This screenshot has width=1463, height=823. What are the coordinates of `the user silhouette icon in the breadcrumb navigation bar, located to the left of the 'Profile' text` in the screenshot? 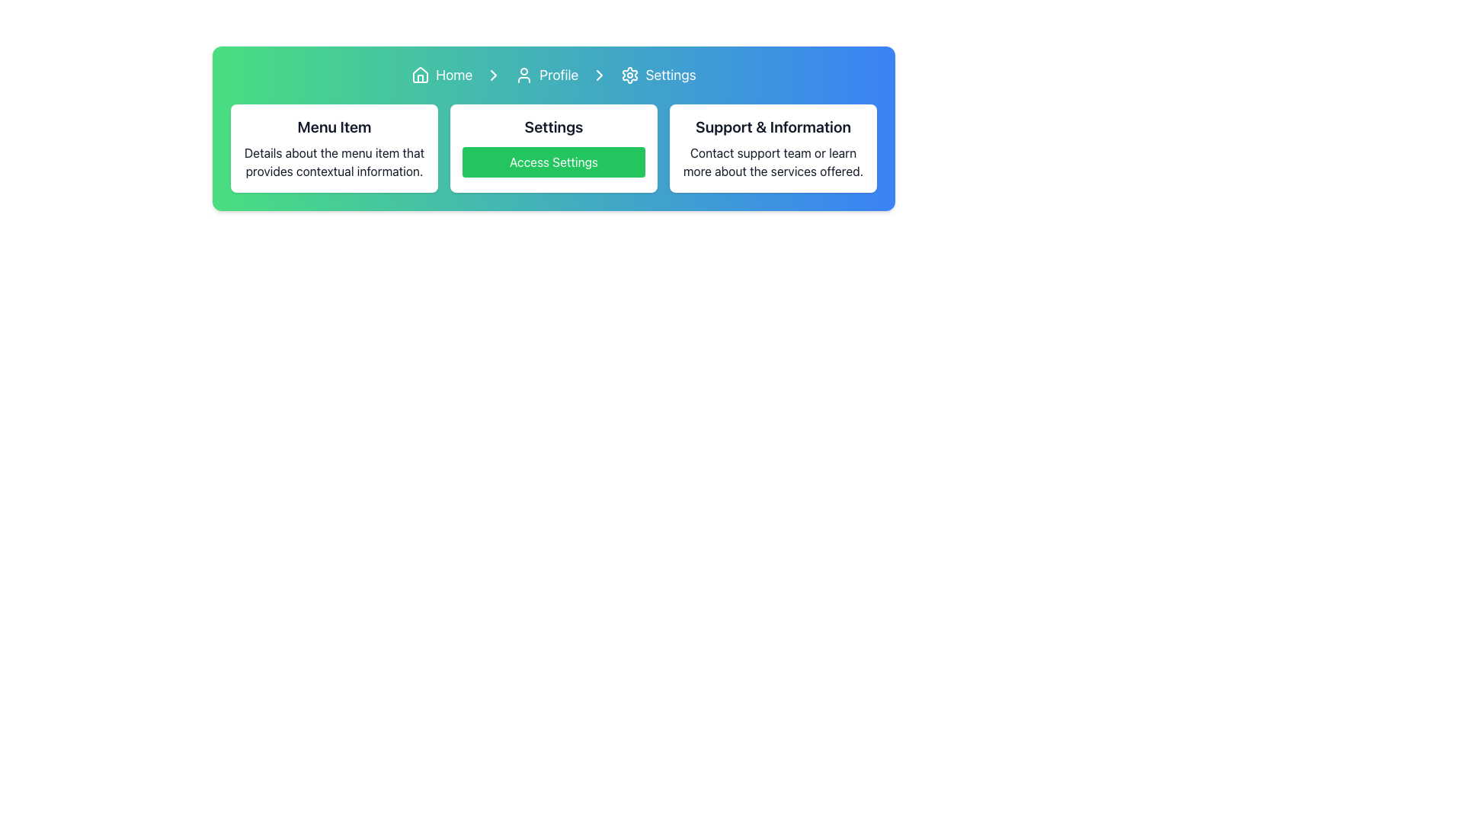 It's located at (524, 75).